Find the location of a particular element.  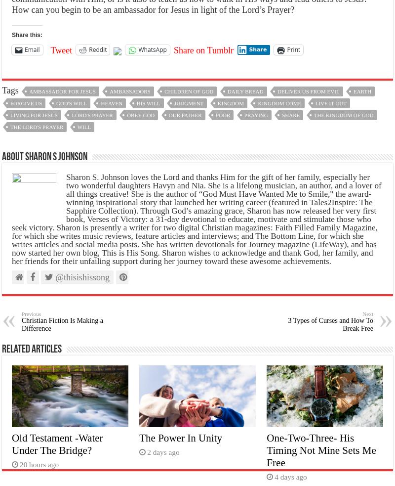

'3 Types of Curses and How To Break Free' is located at coordinates (330, 324).